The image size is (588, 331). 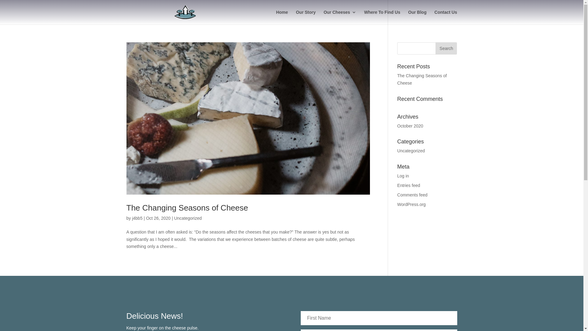 What do you see at coordinates (132, 218) in the screenshot?
I see `'j4bb5'` at bounding box center [132, 218].